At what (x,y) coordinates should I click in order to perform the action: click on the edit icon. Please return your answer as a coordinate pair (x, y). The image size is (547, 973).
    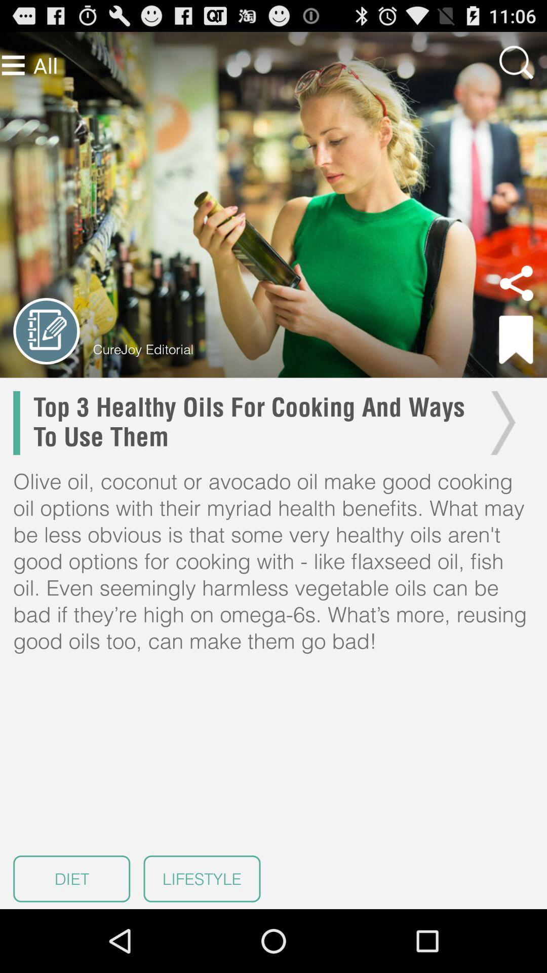
    Looking at the image, I should click on (46, 354).